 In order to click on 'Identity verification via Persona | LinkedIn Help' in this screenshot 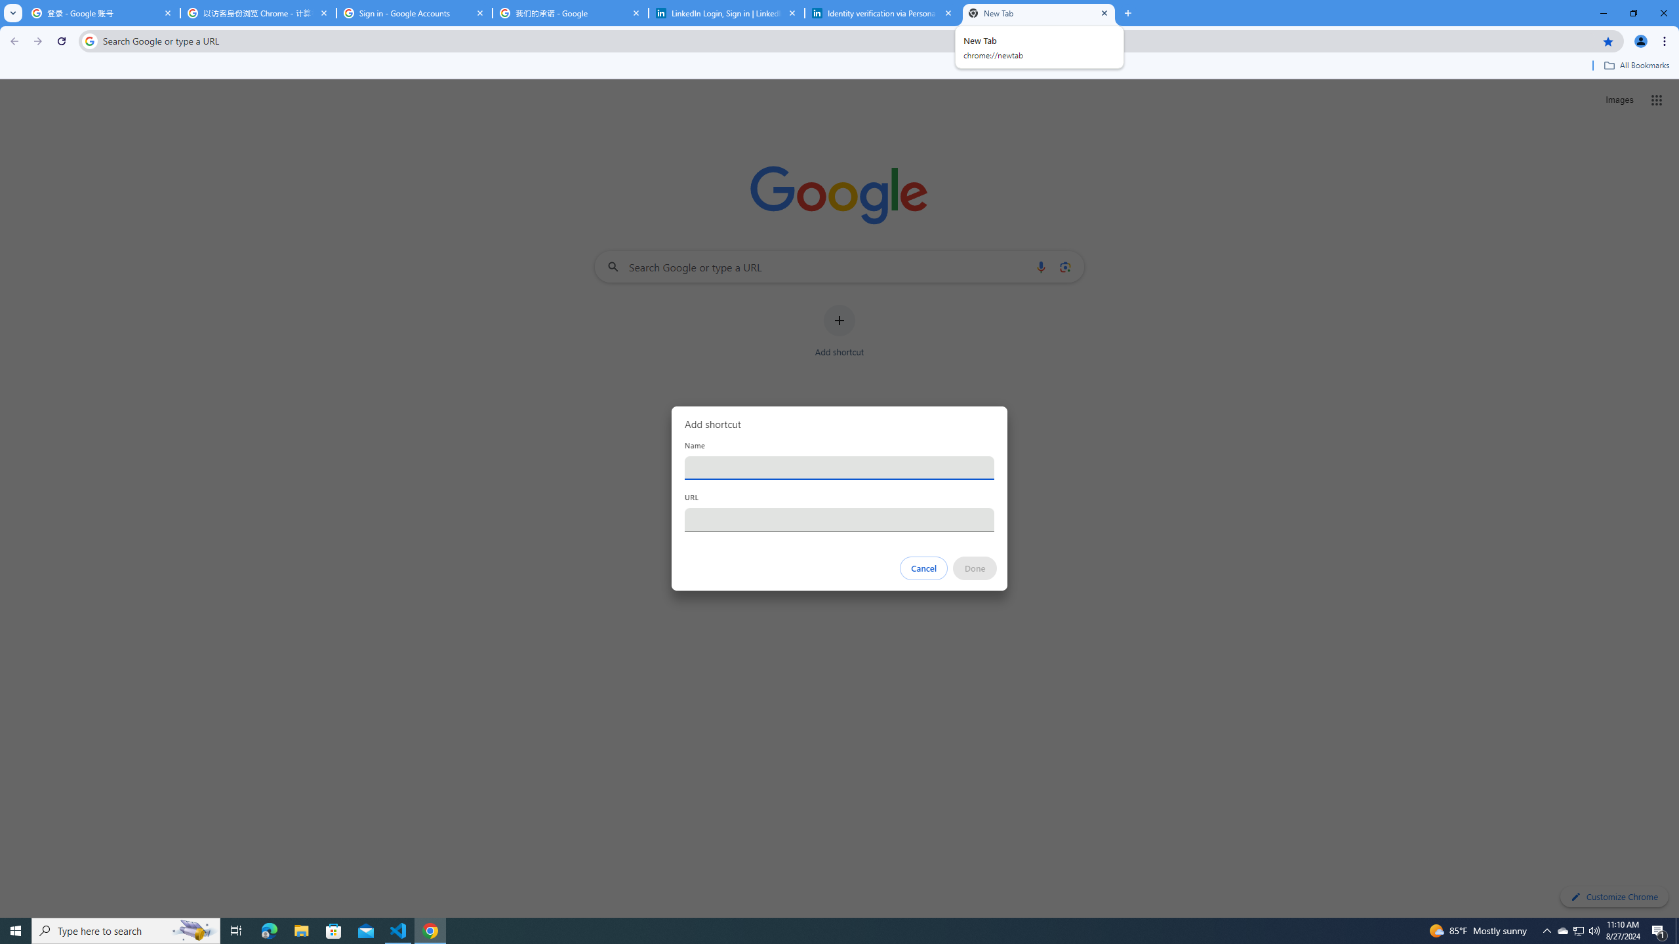, I will do `click(882, 12)`.